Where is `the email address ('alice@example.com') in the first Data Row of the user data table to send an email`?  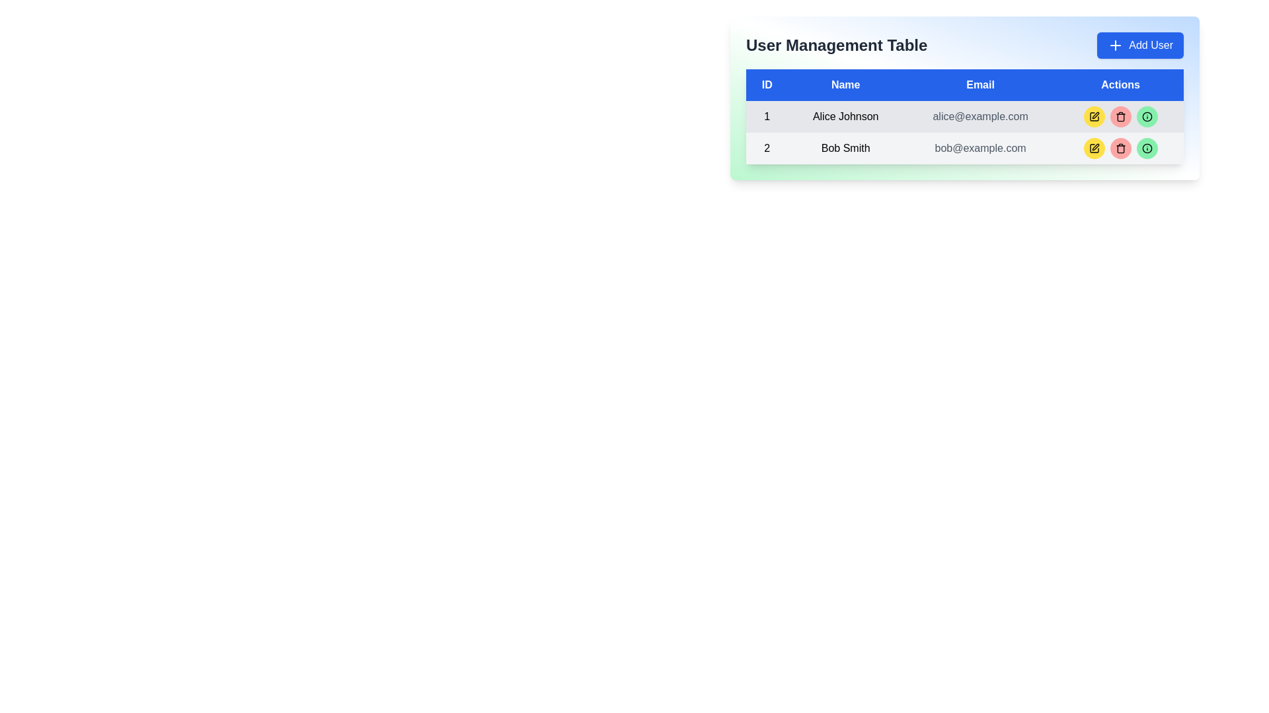 the email address ('alice@example.com') in the first Data Row of the user data table to send an email is located at coordinates (964, 116).